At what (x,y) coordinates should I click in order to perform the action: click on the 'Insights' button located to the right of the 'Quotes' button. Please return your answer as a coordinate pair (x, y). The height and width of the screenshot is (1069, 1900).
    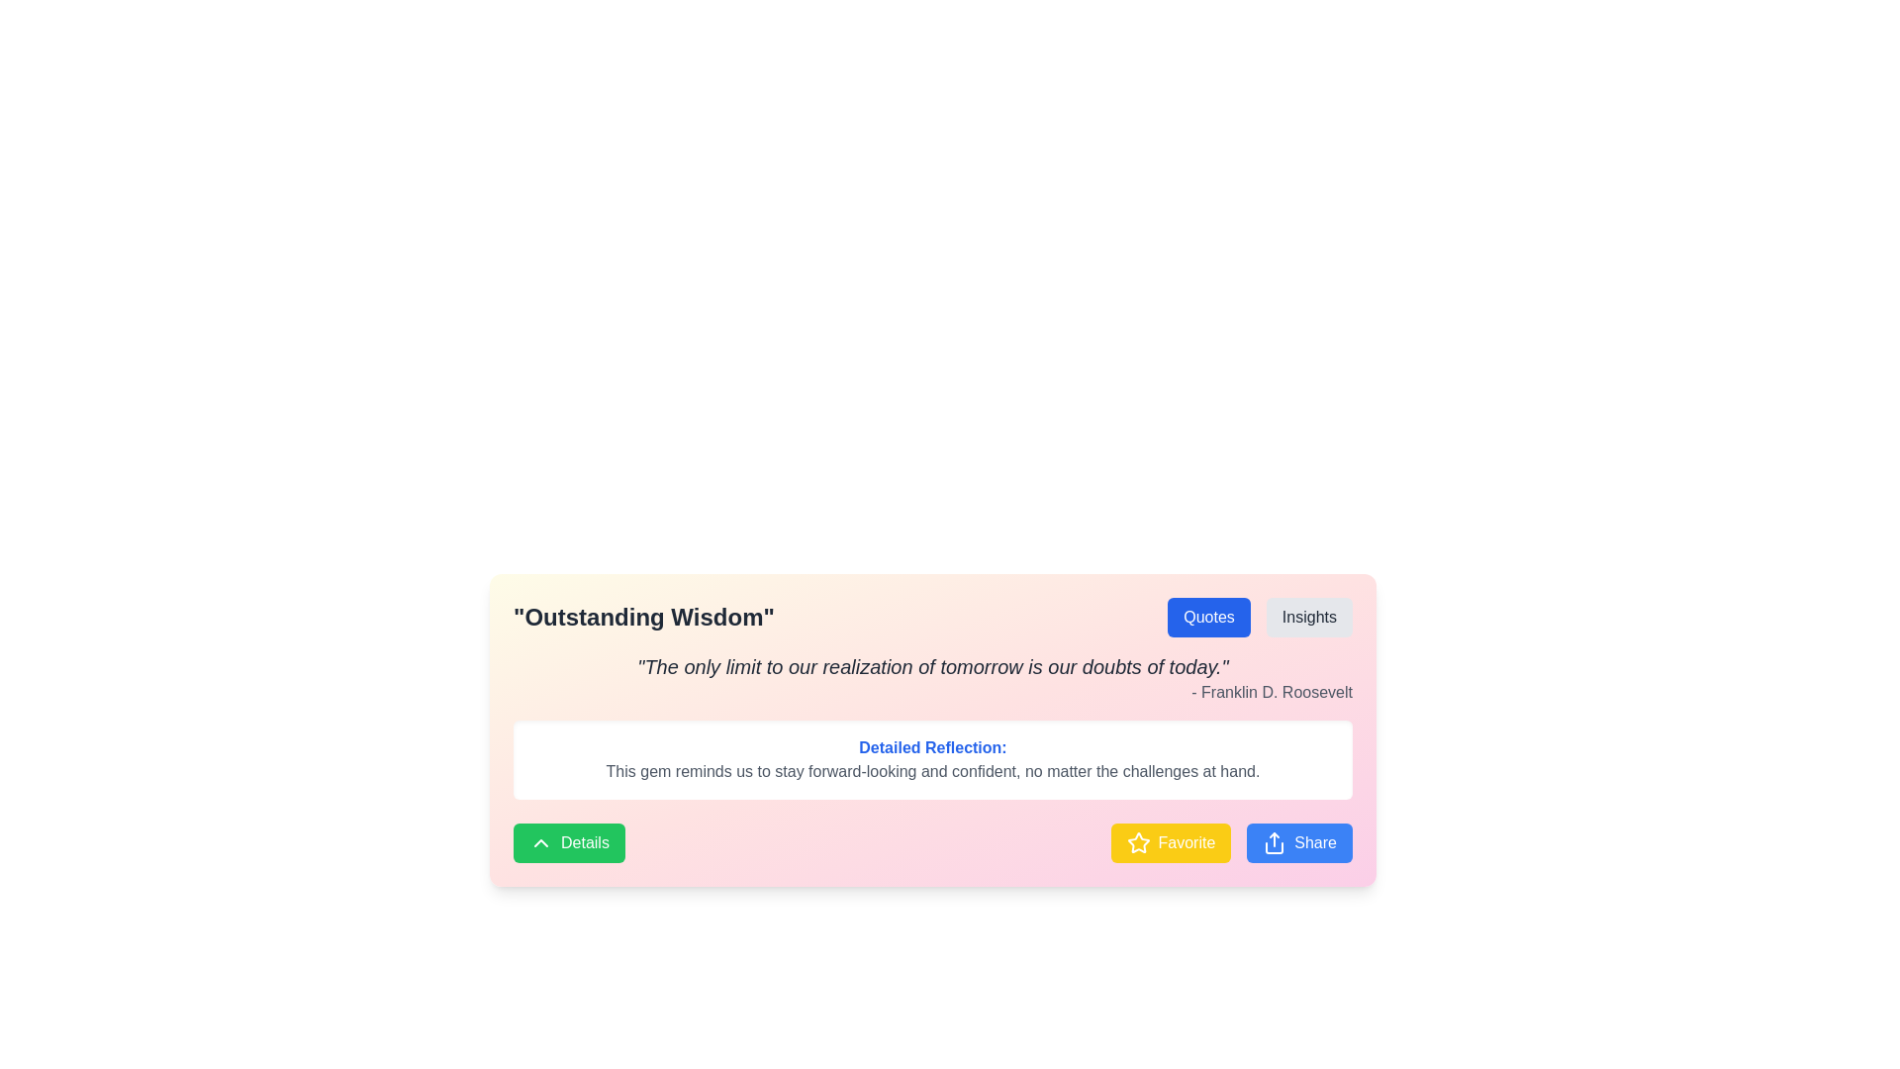
    Looking at the image, I should click on (1309, 617).